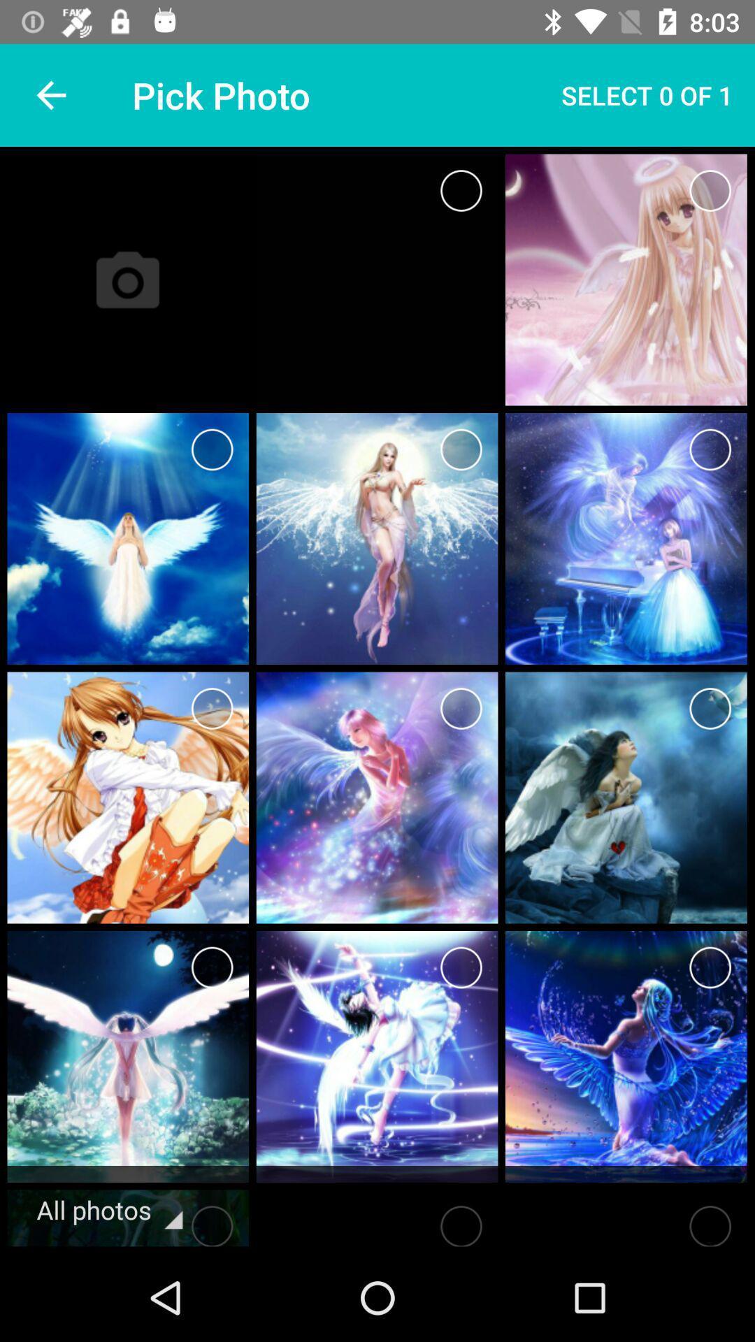 This screenshot has height=1342, width=755. Describe the element at coordinates (212, 967) in the screenshot. I see `photo` at that location.